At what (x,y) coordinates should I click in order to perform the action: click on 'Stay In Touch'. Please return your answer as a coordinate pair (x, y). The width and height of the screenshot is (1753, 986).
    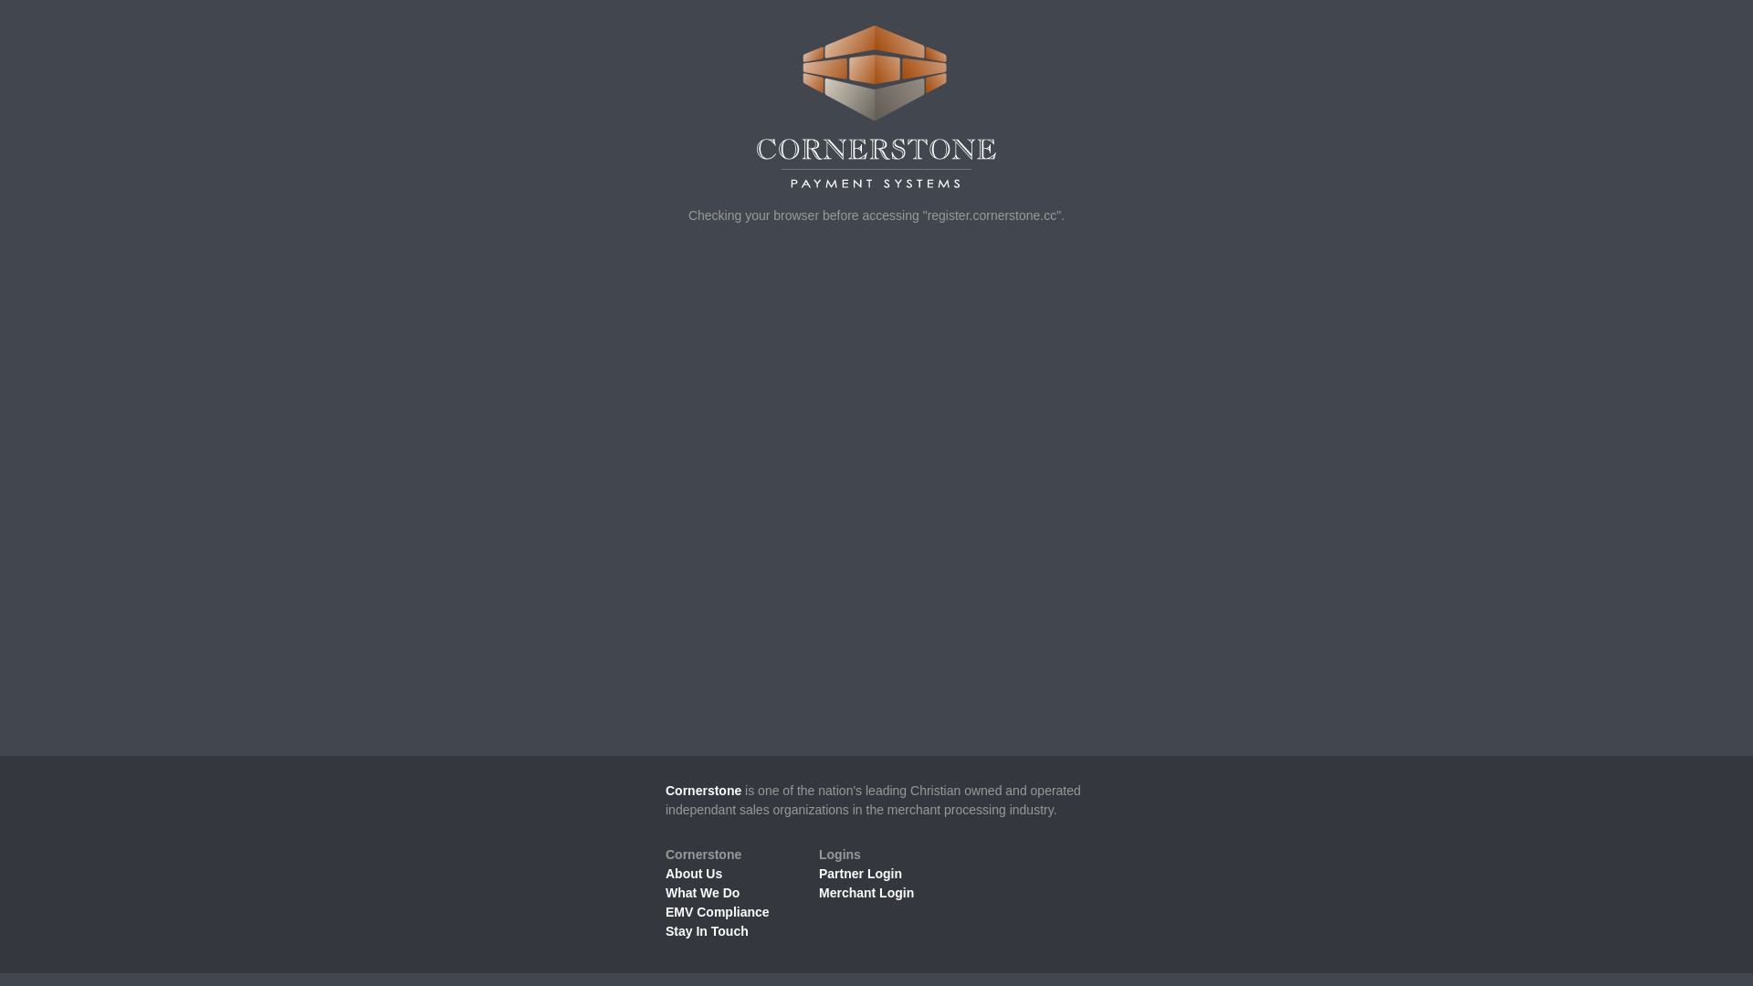
    Looking at the image, I should click on (706, 930).